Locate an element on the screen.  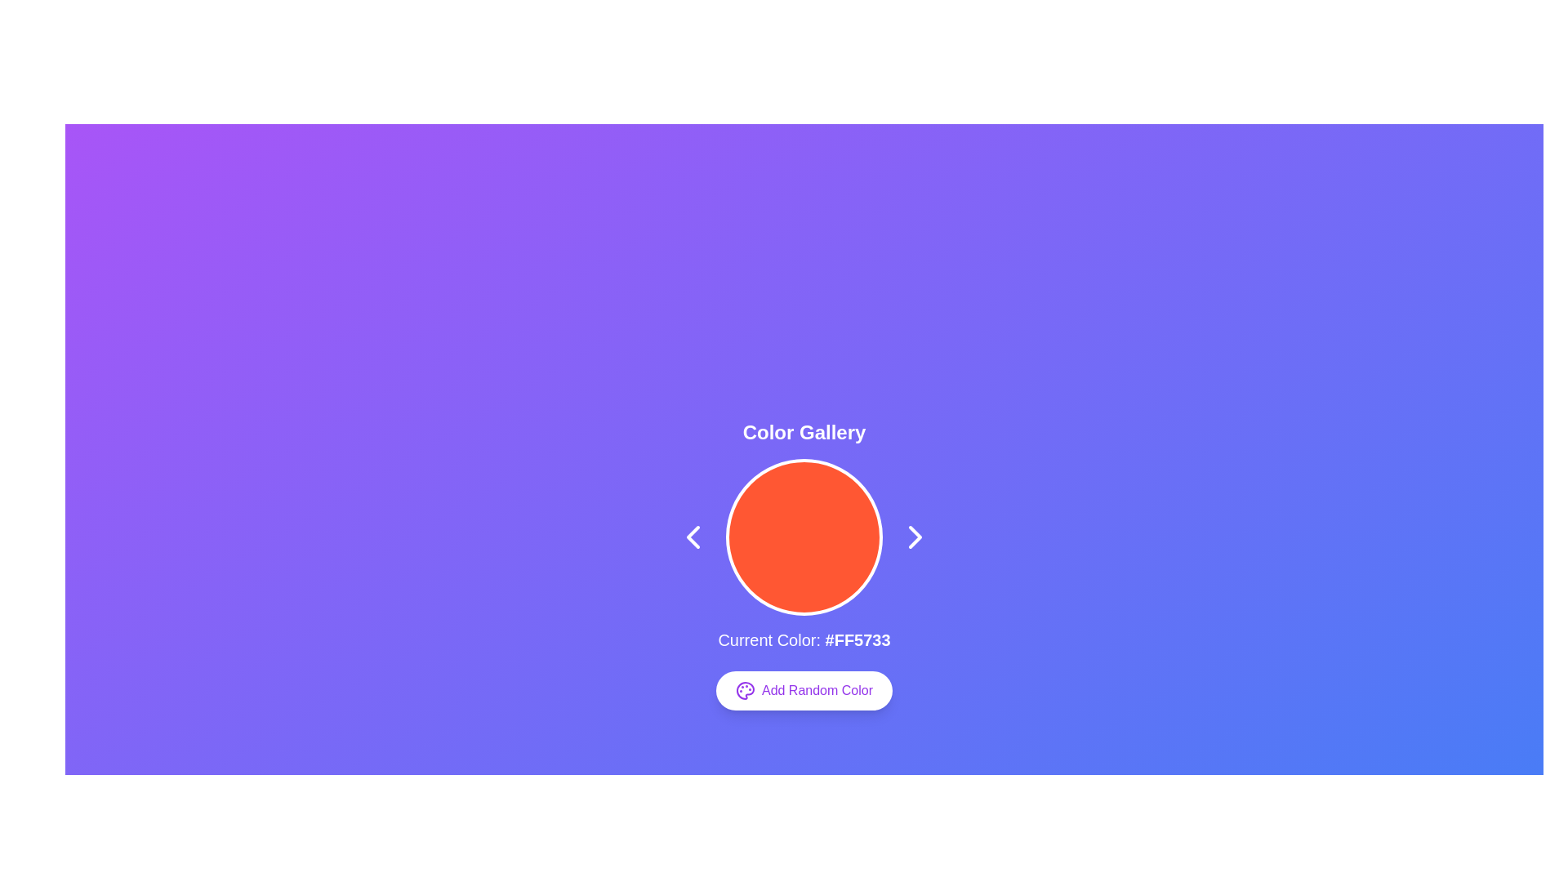
the leftward chevron button, which is a white navigational control located to the left of the circular color block, to go to the previous item is located at coordinates (693, 537).